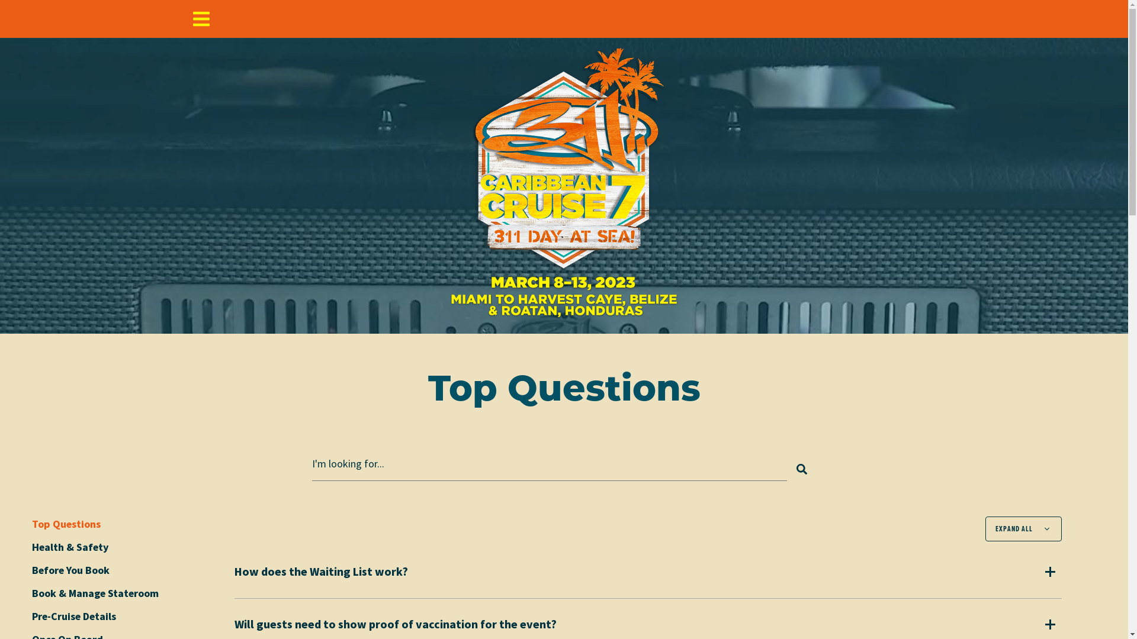 This screenshot has width=1137, height=639. I want to click on 'How does the Waiting List work?', so click(234, 570).